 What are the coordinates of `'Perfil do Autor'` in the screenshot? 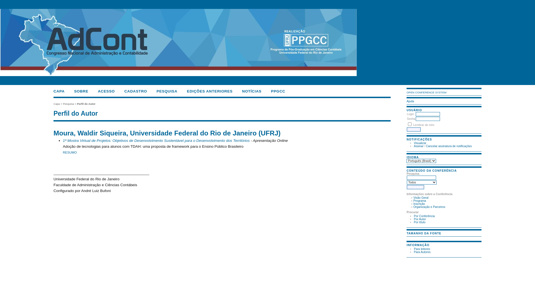 It's located at (86, 104).